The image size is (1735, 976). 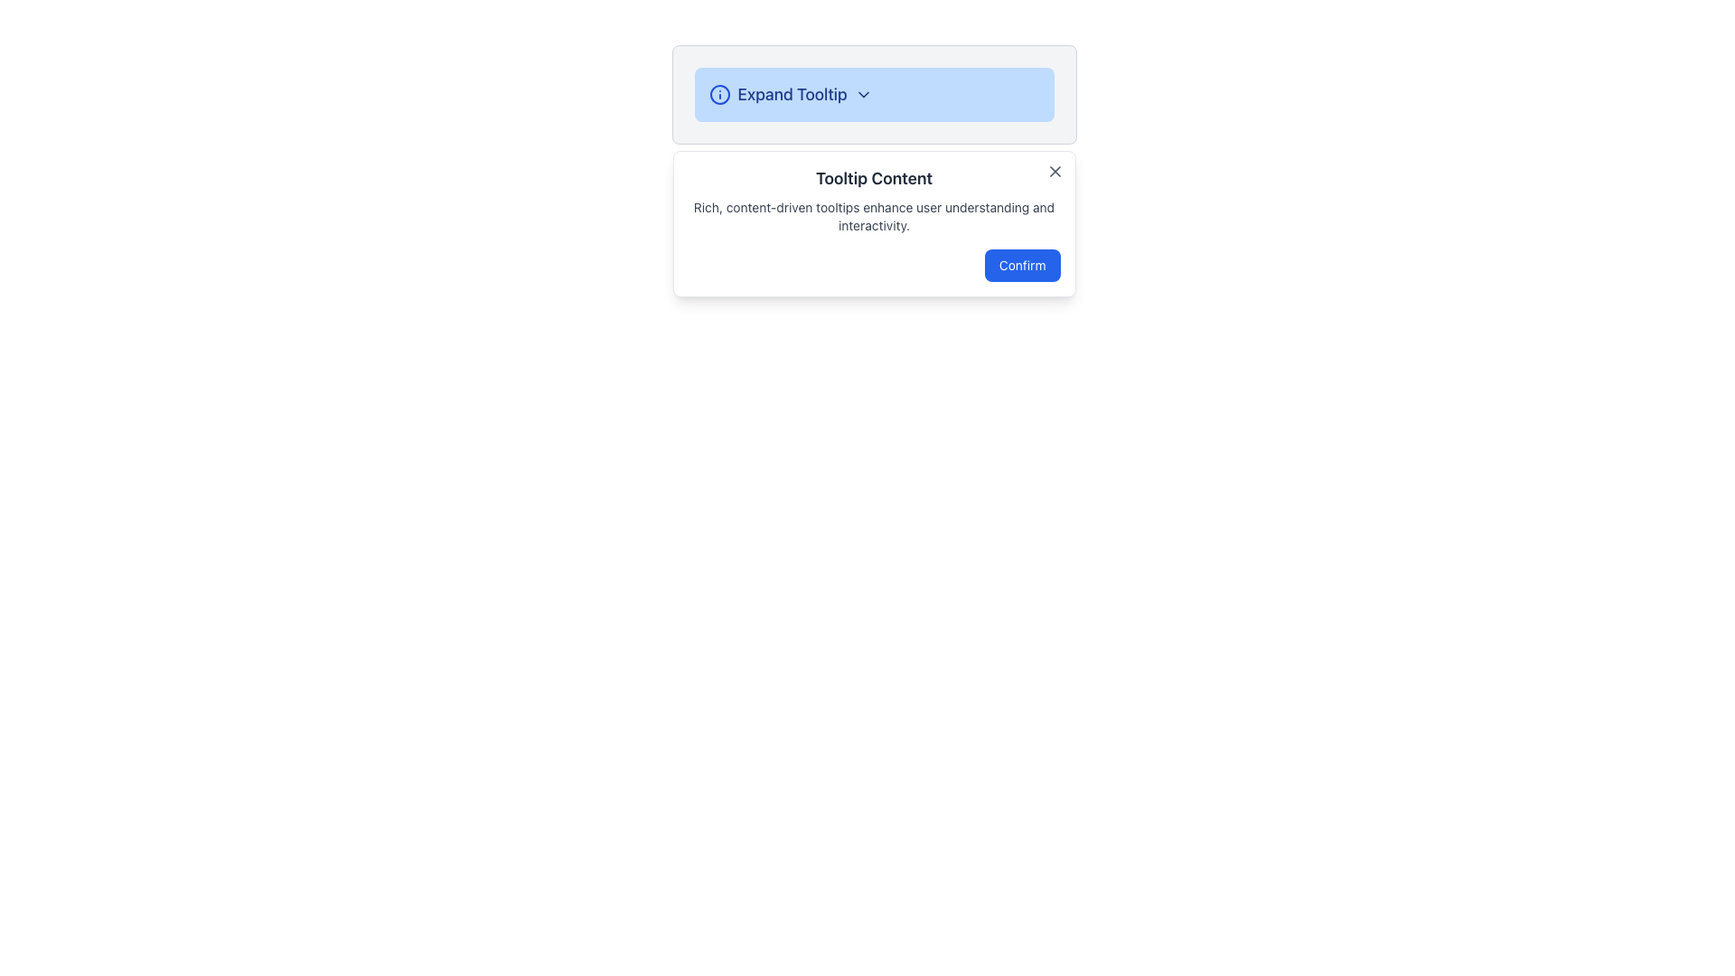 What do you see at coordinates (874, 94) in the screenshot?
I see `the button that expands or collapses tooltip content for accessibility purposes` at bounding box center [874, 94].